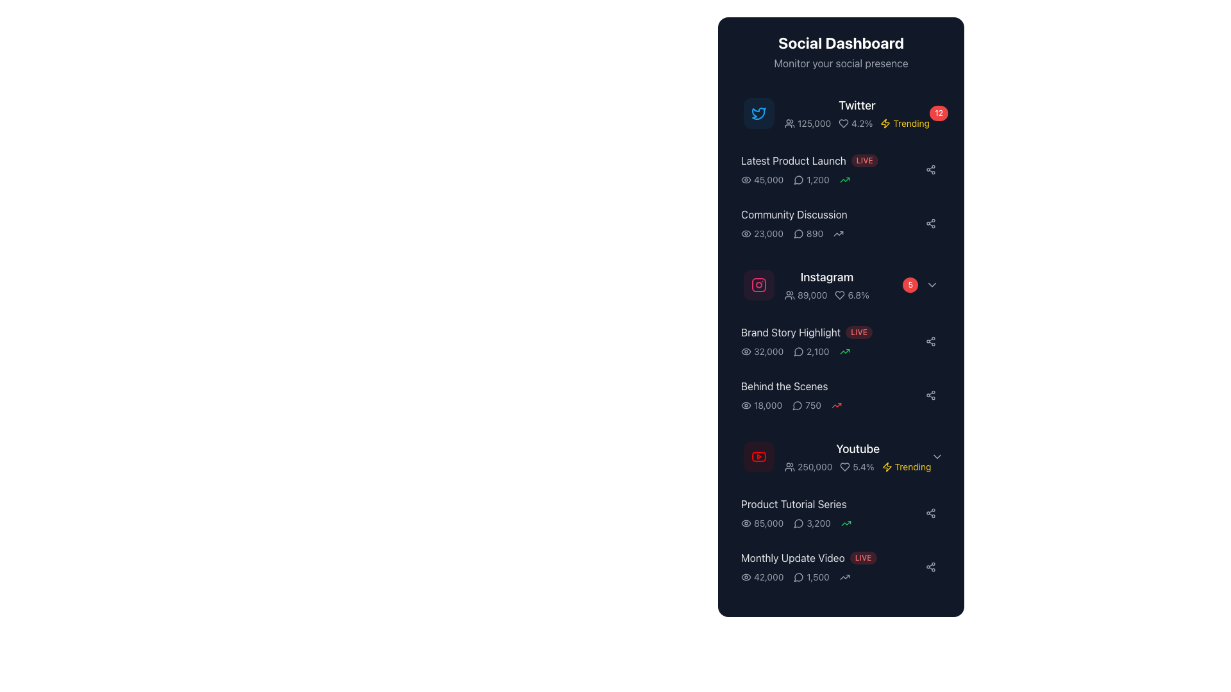  What do you see at coordinates (789, 295) in the screenshot?
I see `the user profile icon located to the left of the text '89,000' in the Instagram row of the Social Dashboard` at bounding box center [789, 295].